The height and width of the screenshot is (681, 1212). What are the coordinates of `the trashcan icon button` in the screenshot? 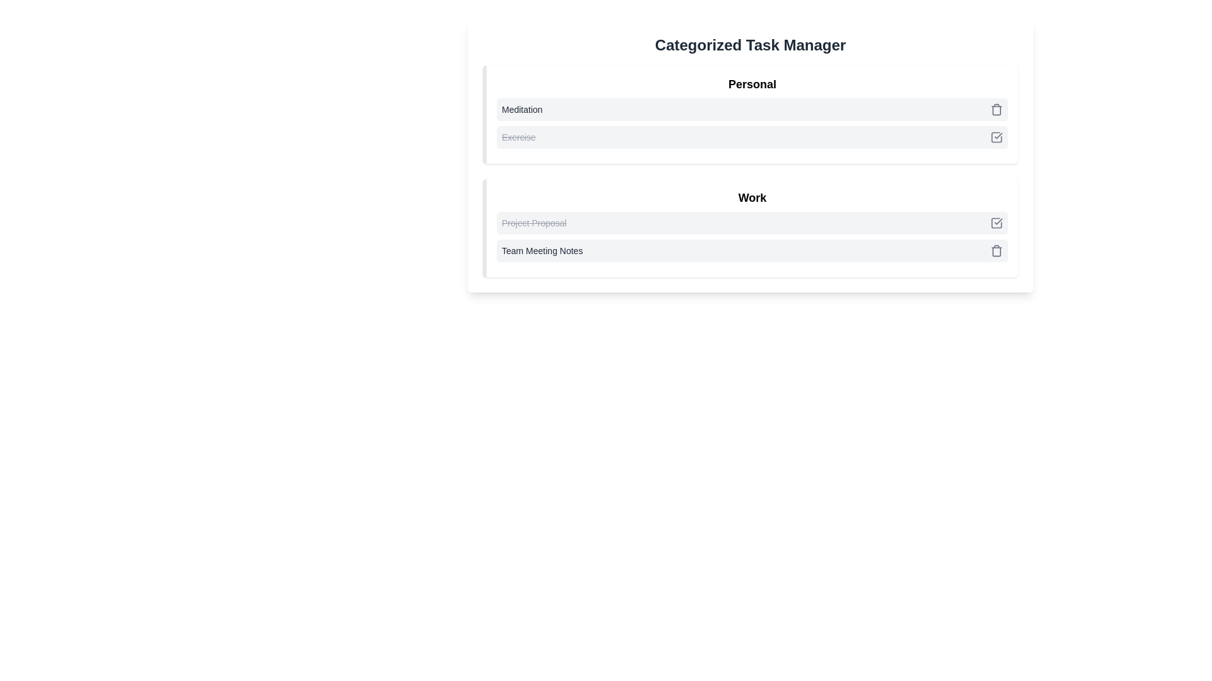 It's located at (996, 250).